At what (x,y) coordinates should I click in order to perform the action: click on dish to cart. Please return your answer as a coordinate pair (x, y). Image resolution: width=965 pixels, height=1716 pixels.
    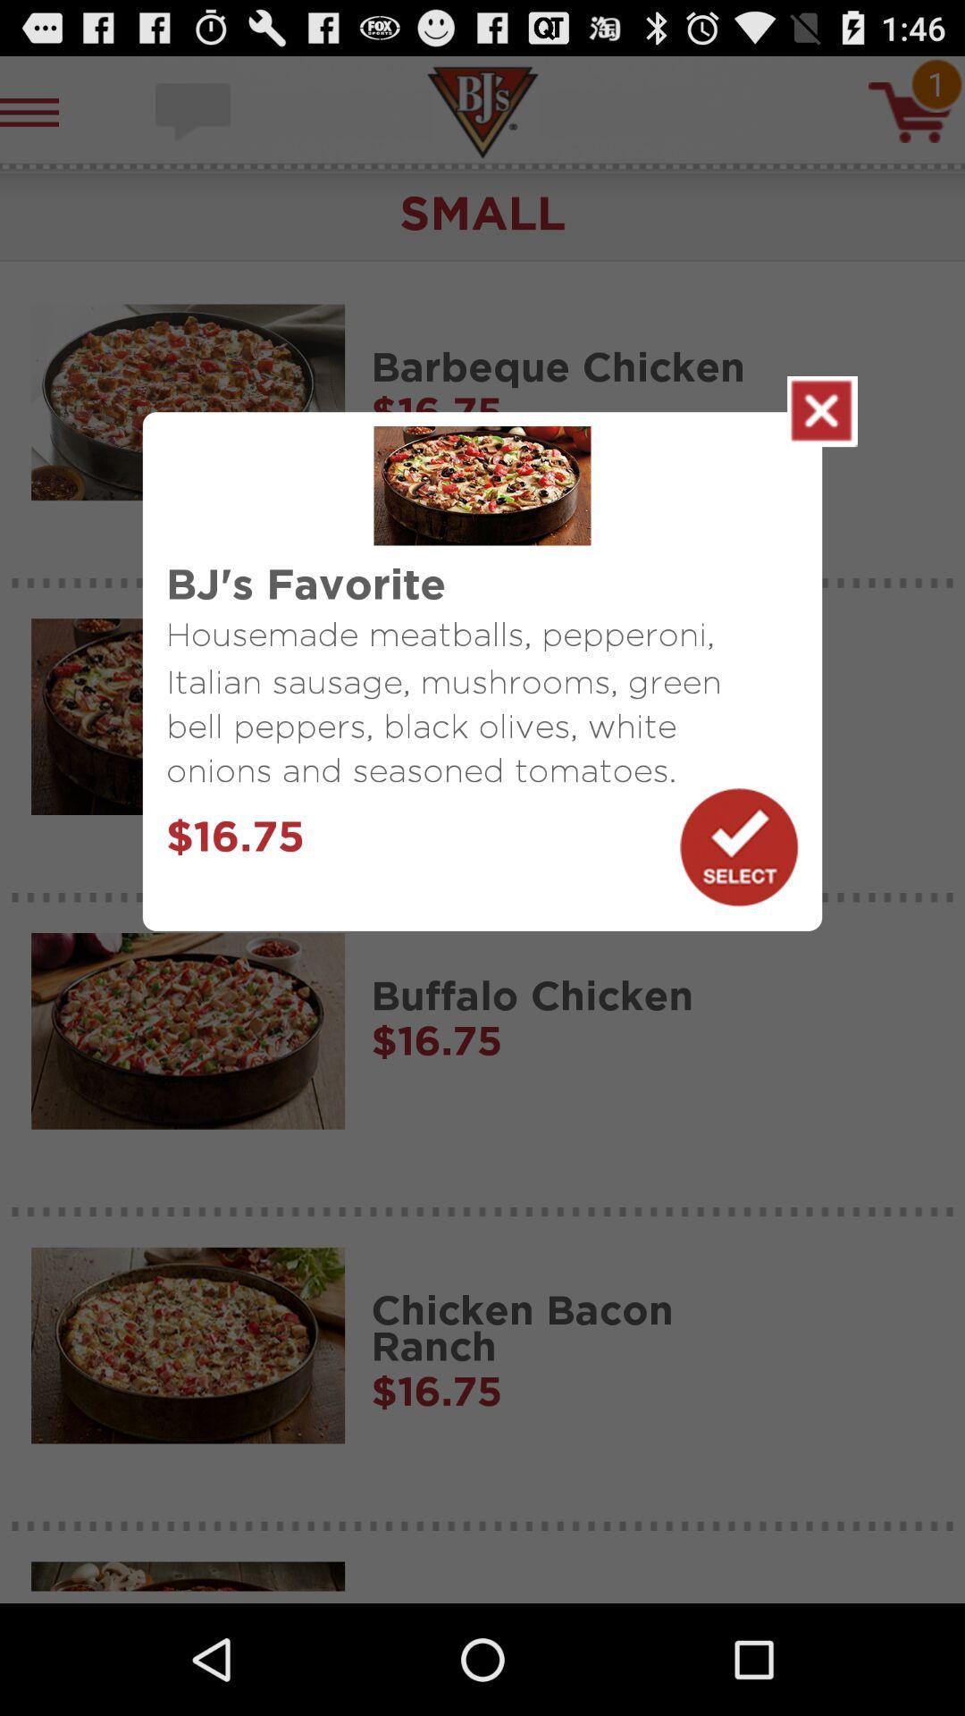
    Looking at the image, I should click on (739, 846).